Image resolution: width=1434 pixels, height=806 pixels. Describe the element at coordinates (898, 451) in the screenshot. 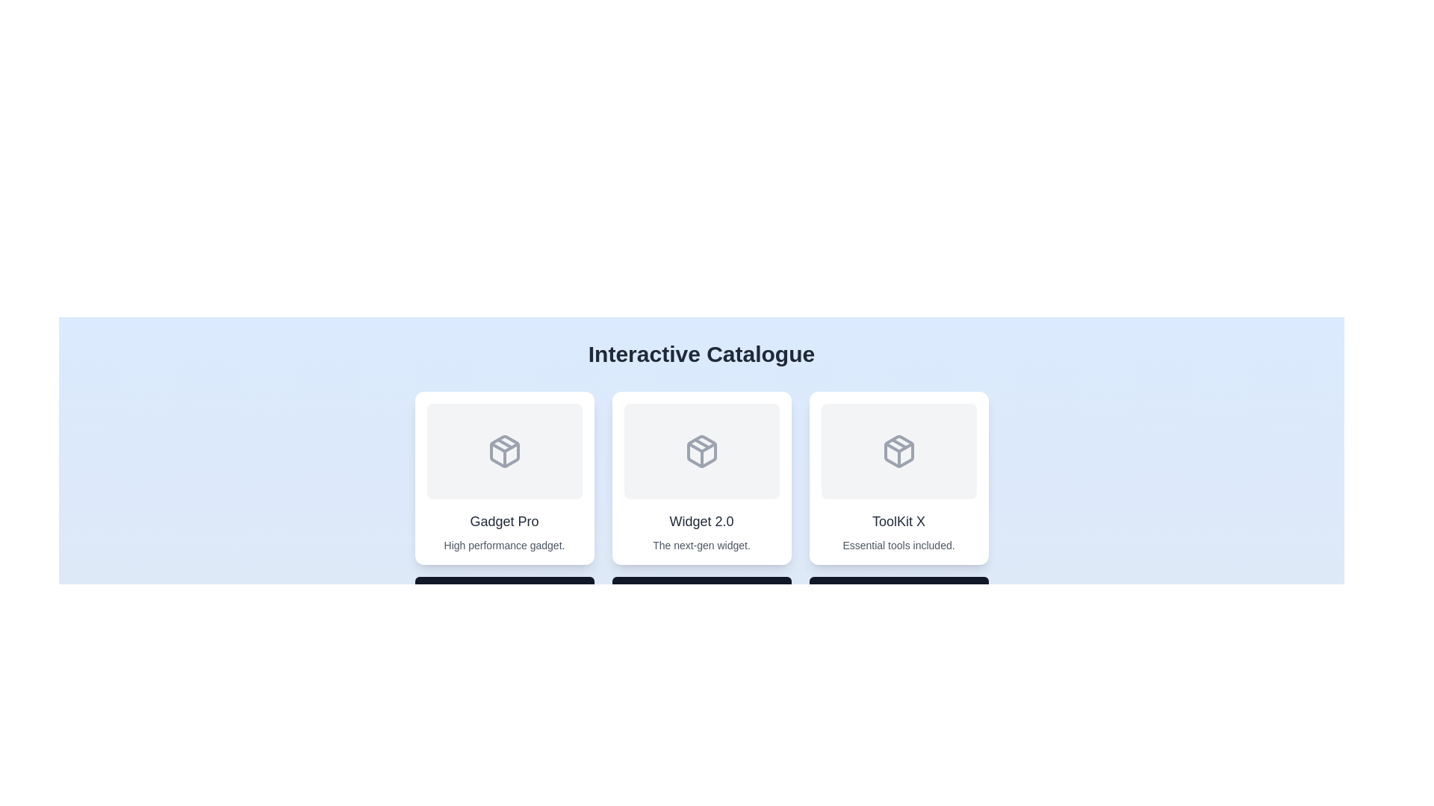

I see `the graphical representation or icon within the 'ToolKit X' card, which is the third card in a horizontal row of similar cards` at that location.